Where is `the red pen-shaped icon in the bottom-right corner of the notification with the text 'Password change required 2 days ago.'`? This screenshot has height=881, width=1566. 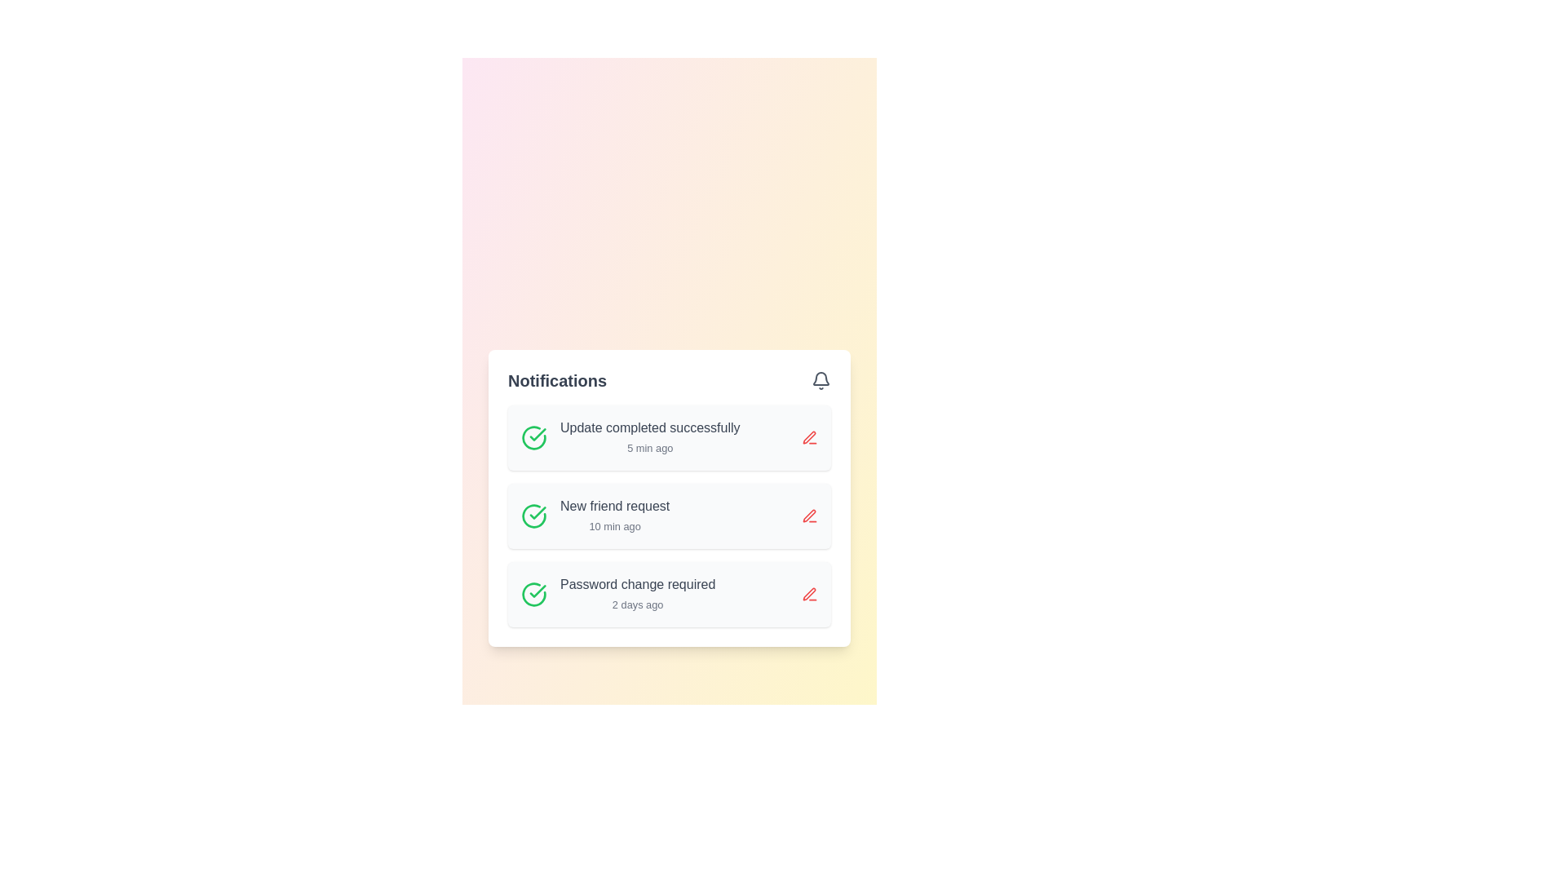
the red pen-shaped icon in the bottom-right corner of the notification with the text 'Password change required 2 days ago.' is located at coordinates (810, 595).